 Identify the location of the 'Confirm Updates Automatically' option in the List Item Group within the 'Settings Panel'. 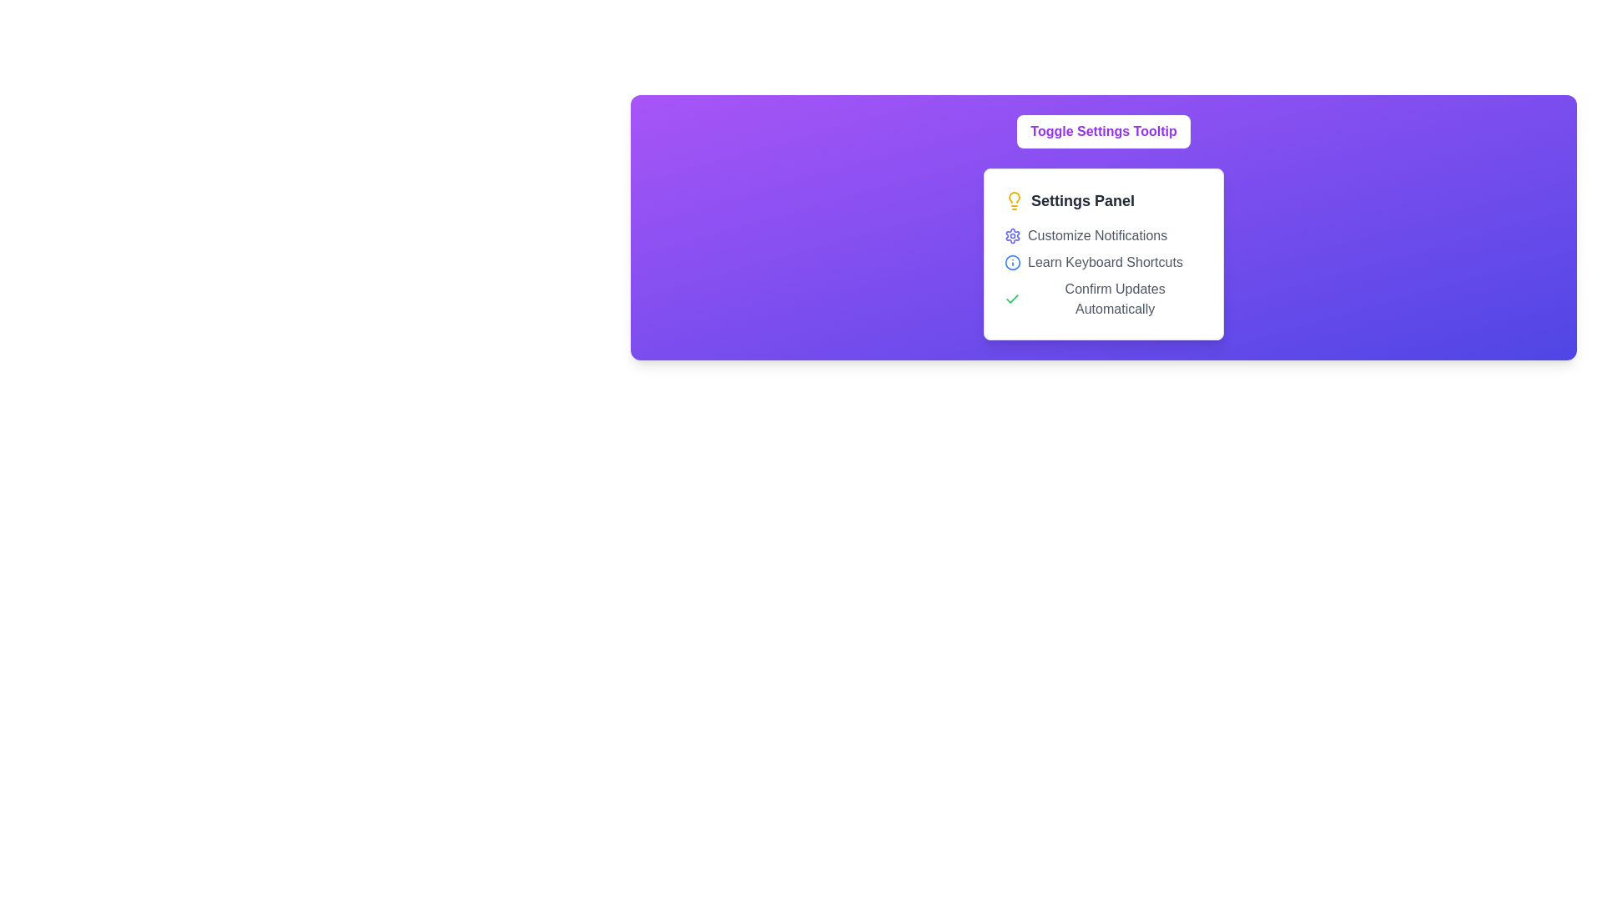
(1104, 272).